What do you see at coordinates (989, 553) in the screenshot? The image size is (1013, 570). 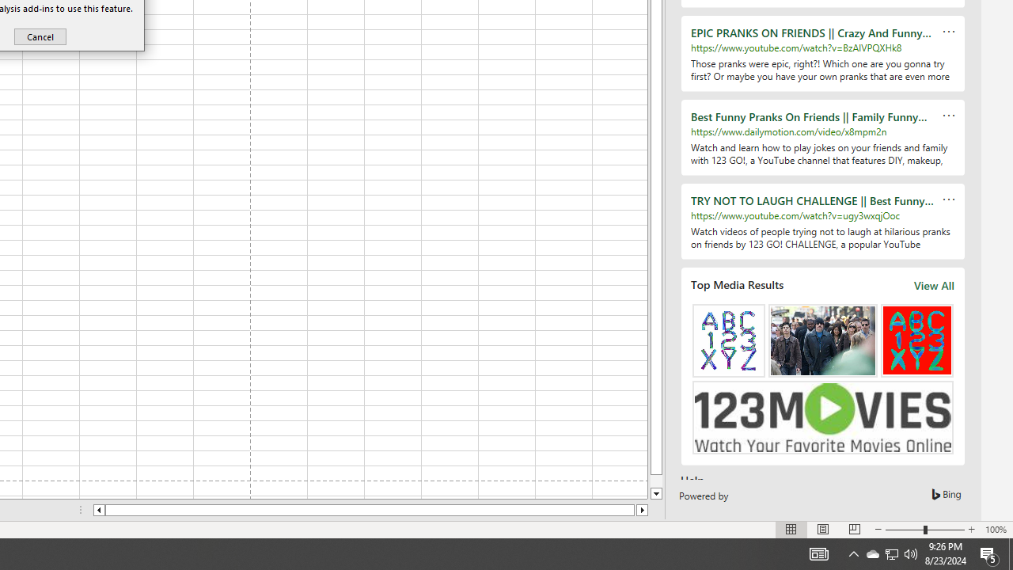 I see `'Action Center, 5 new notifications'` at bounding box center [989, 553].